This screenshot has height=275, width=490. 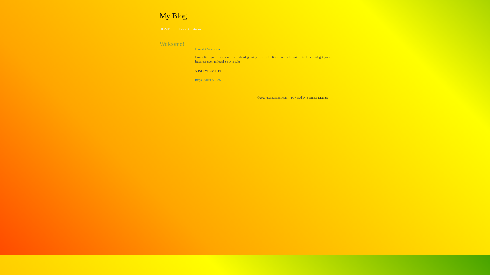 What do you see at coordinates (179, 29) in the screenshot?
I see `'Local Citations'` at bounding box center [179, 29].